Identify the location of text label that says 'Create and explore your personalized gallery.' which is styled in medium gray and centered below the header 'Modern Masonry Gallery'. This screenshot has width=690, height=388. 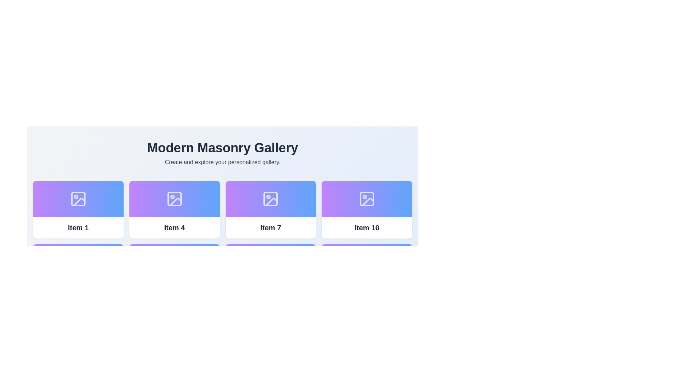
(222, 162).